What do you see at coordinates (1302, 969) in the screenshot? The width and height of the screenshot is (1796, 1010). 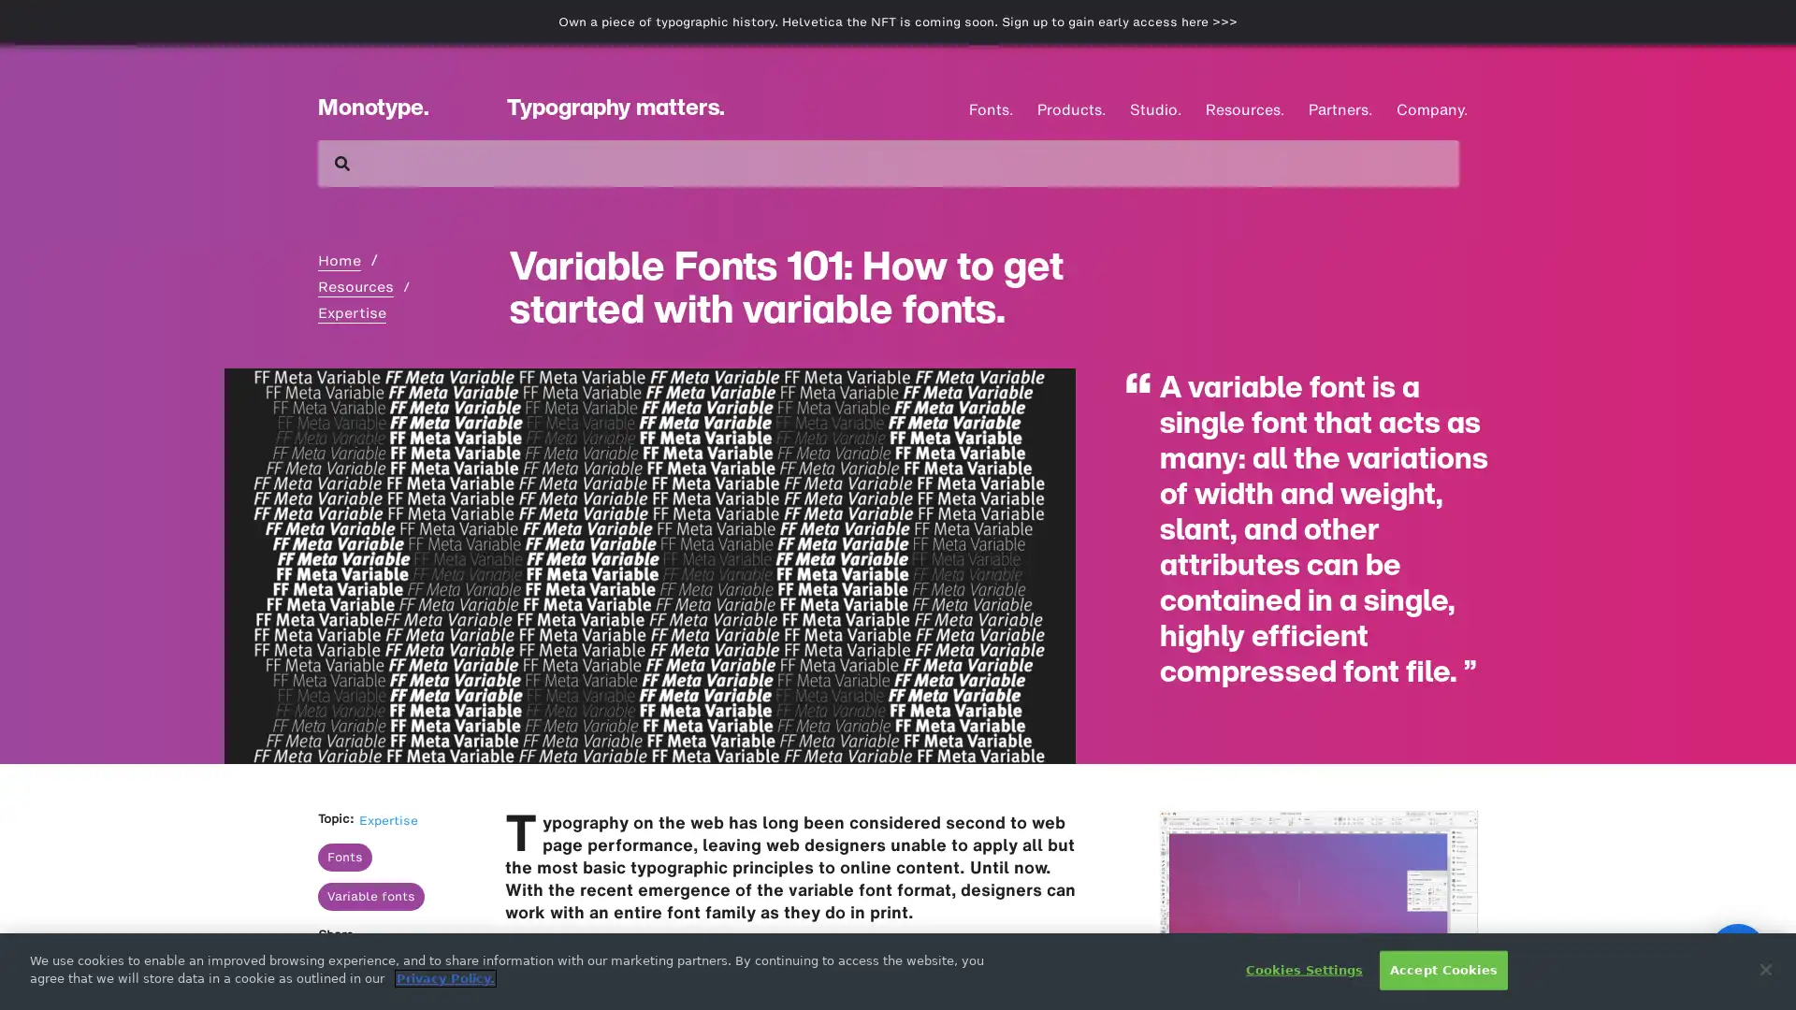 I see `Cookies Settings` at bounding box center [1302, 969].